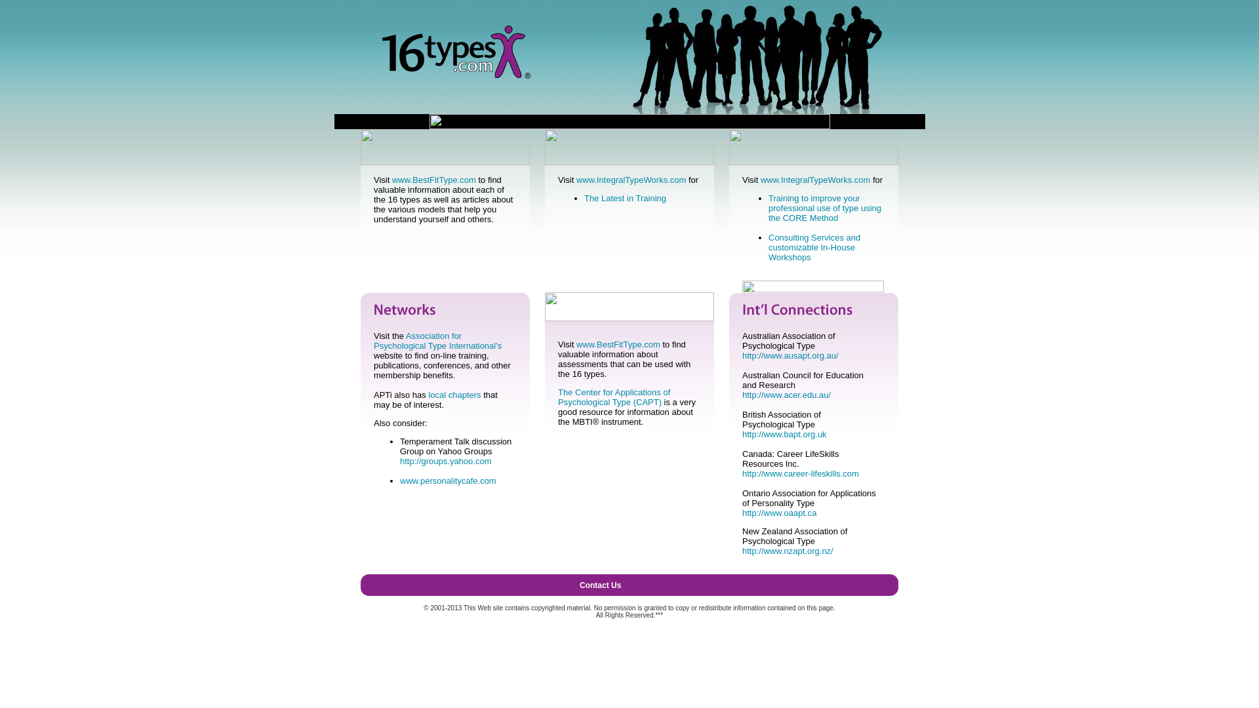 The width and height of the screenshot is (1259, 708). I want to click on 'http://www.nzapt.org.nz/', so click(787, 551).